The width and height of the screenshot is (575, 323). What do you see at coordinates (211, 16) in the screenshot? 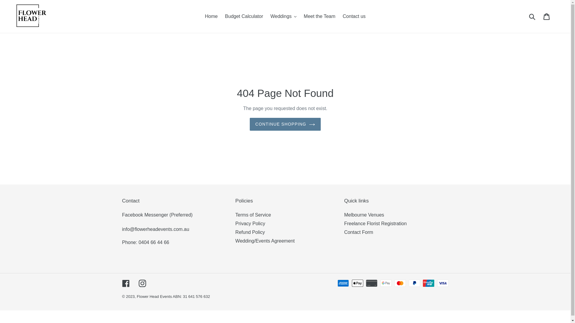
I see `'Home'` at bounding box center [211, 16].